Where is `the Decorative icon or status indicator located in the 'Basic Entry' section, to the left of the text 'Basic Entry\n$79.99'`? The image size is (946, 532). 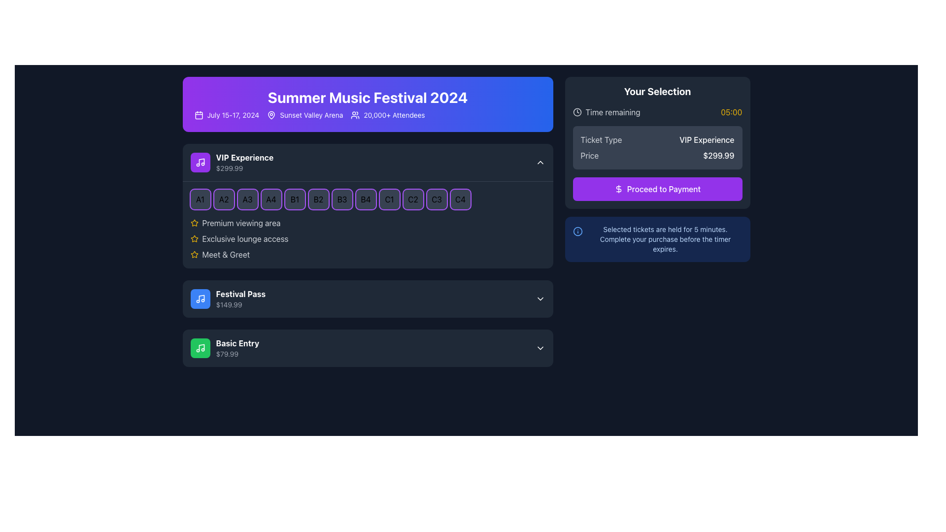 the Decorative icon or status indicator located in the 'Basic Entry' section, to the left of the text 'Basic Entry\n$79.99' is located at coordinates (200, 347).